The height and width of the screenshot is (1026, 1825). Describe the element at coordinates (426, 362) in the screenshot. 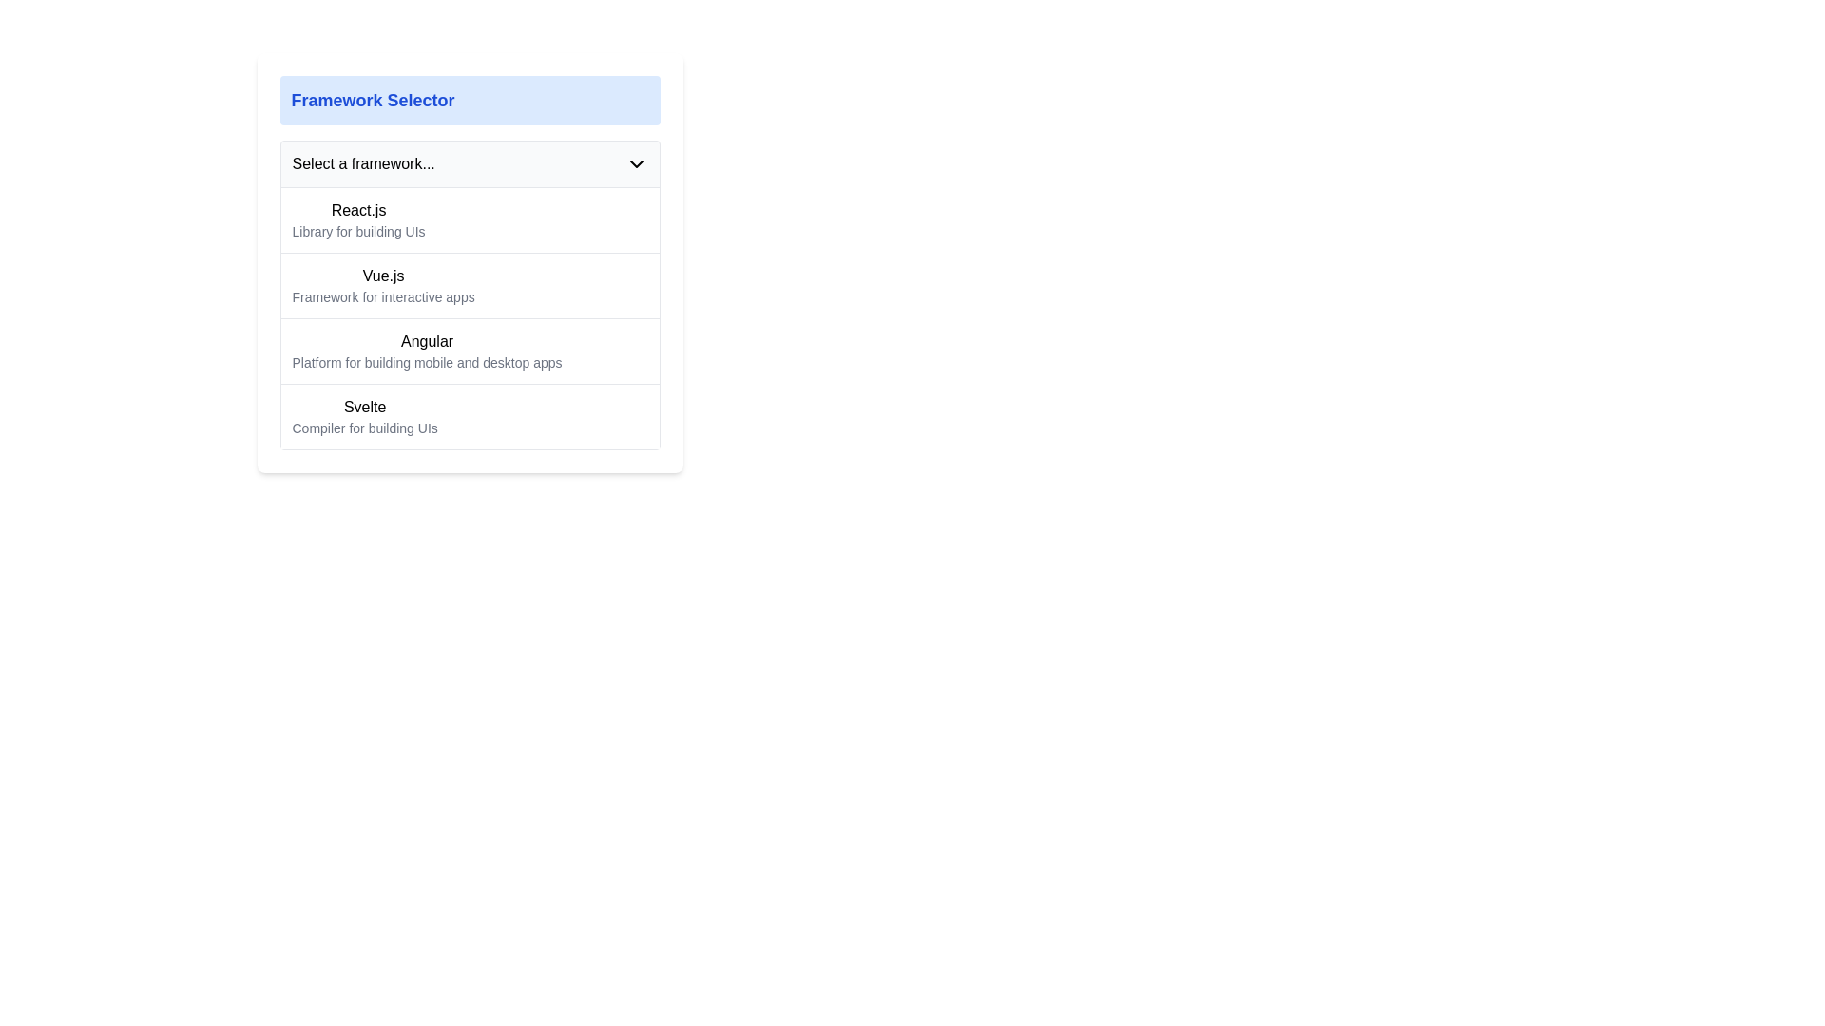

I see `the static label providing a descriptive subtitle for the 'Angular' framework, located directly below the bold text 'Angular' in the selection list` at that location.